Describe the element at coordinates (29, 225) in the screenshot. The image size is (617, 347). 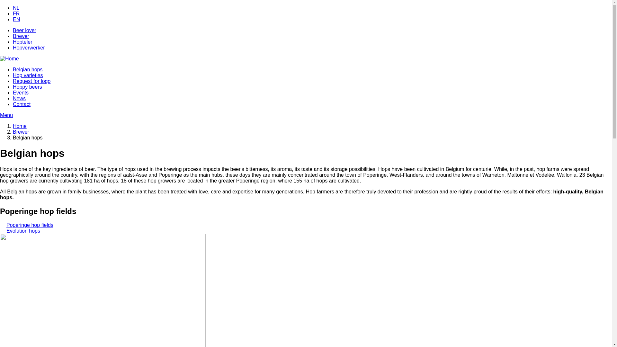
I see `'Poperinge hop fields'` at that location.